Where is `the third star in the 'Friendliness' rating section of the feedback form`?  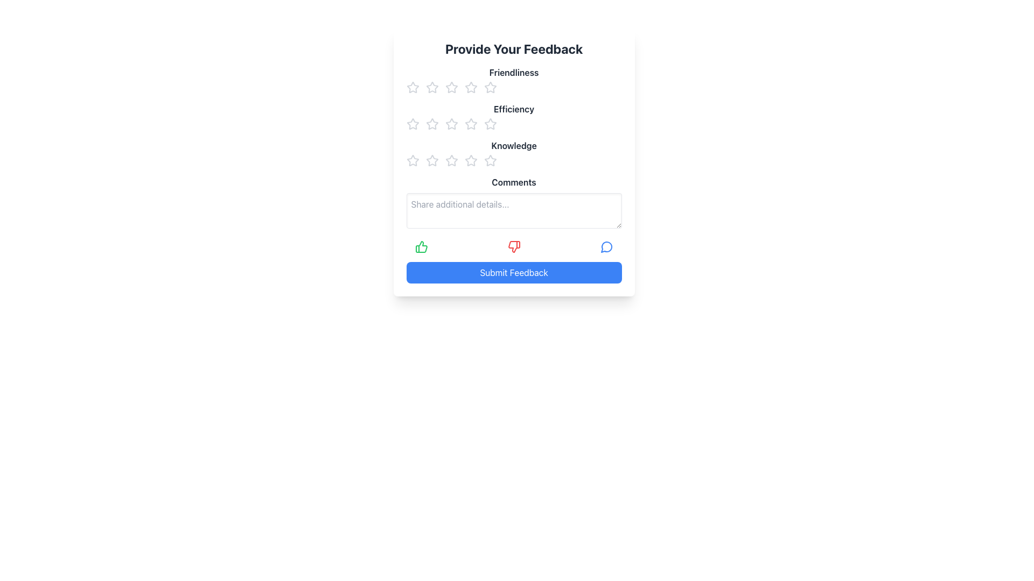
the third star in the 'Friendliness' rating section of the feedback form is located at coordinates (451, 87).